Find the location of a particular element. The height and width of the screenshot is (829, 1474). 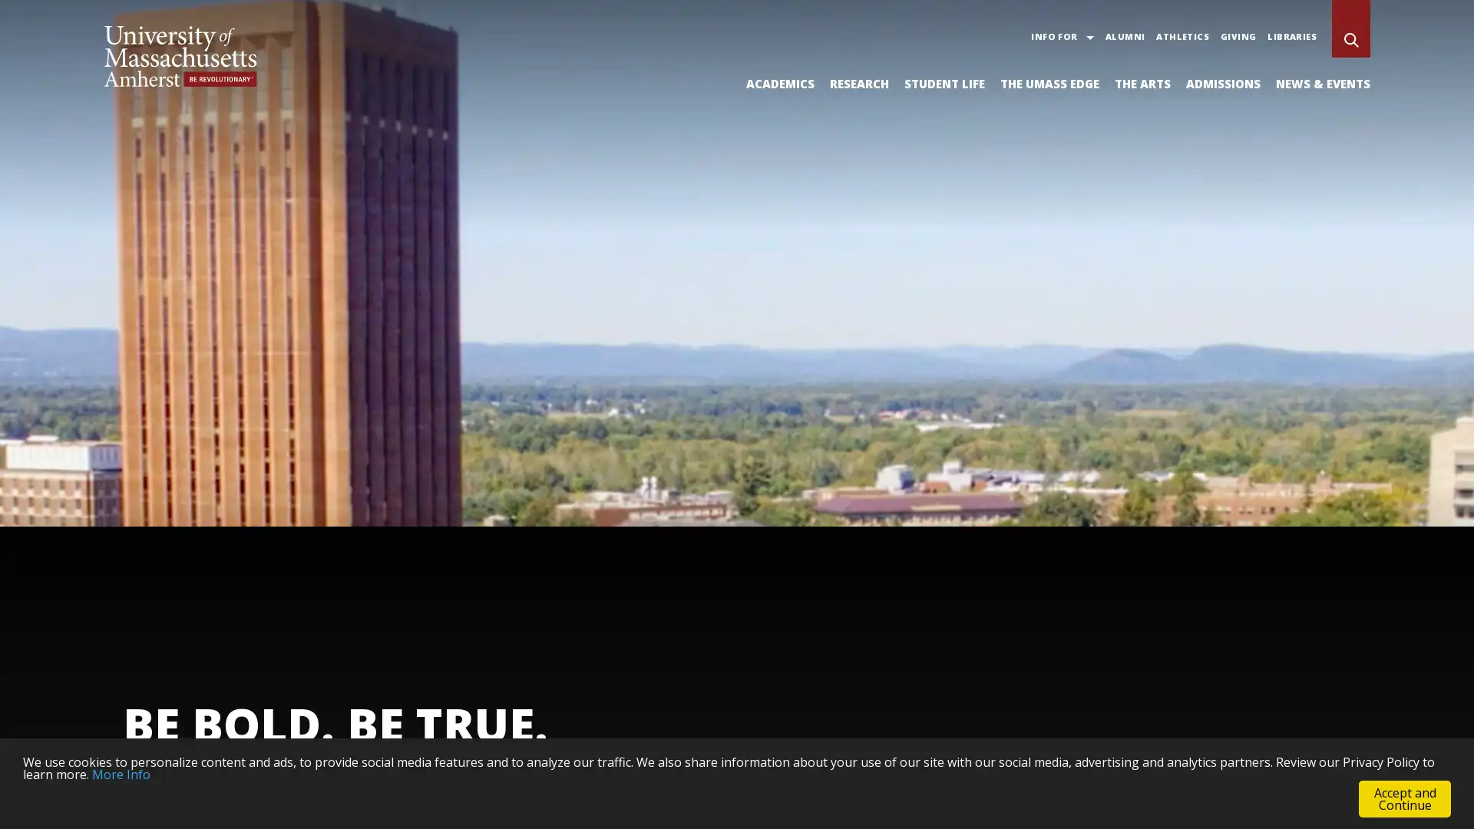

Search UMass Amherst is located at coordinates (1351, 41).